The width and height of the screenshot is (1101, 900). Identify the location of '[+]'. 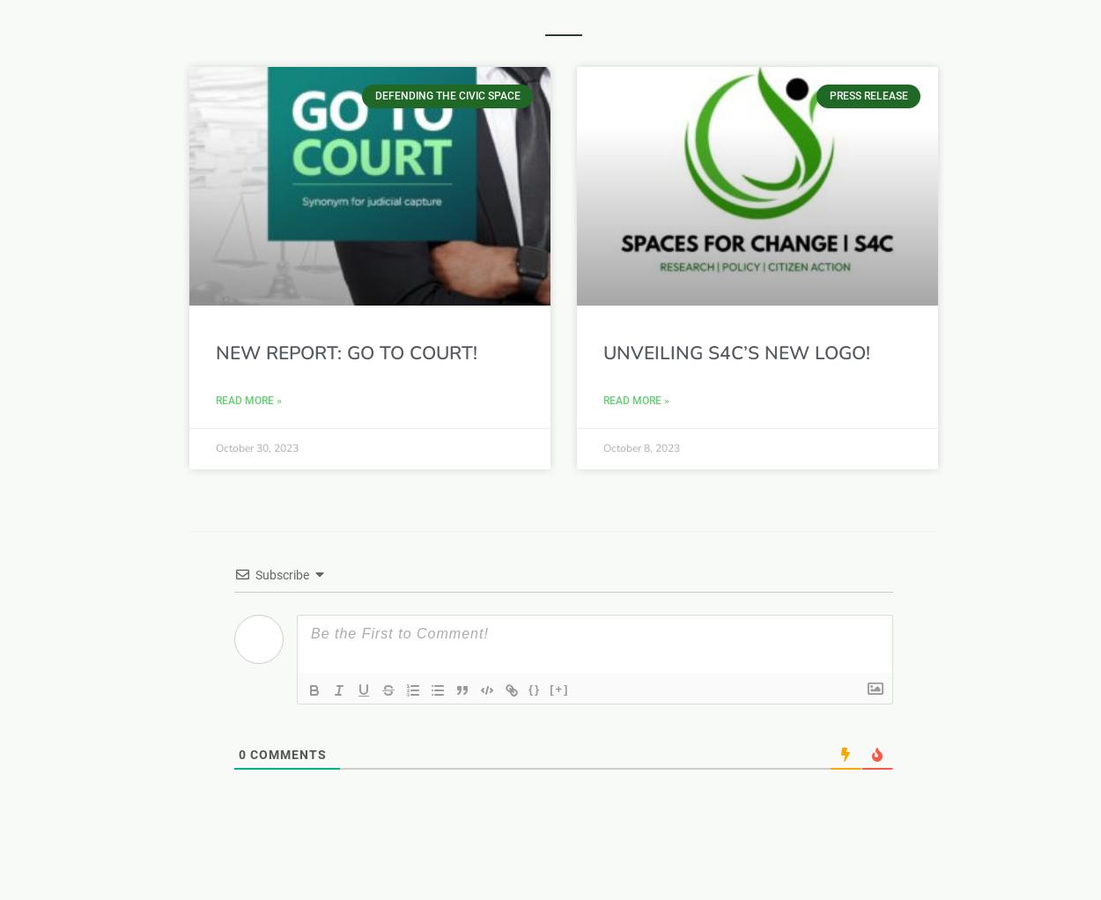
(559, 689).